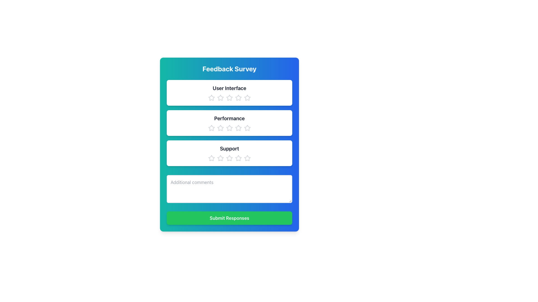 Image resolution: width=538 pixels, height=302 pixels. Describe the element at coordinates (229, 122) in the screenshot. I see `the star icons in the 'Performance' rating section` at that location.